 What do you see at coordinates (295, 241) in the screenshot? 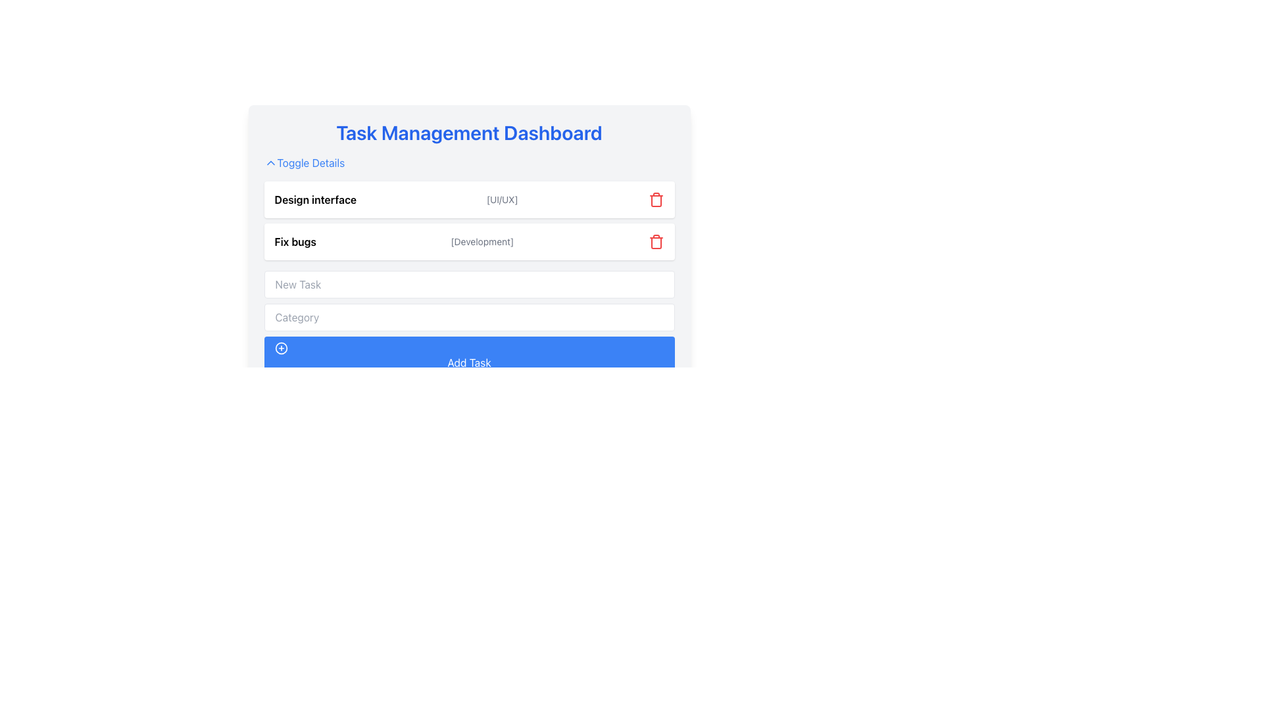
I see `the Static Text element that represents the title or summary of a task, located within the 'Fix bugs[Development]' section and aligned to the left` at bounding box center [295, 241].